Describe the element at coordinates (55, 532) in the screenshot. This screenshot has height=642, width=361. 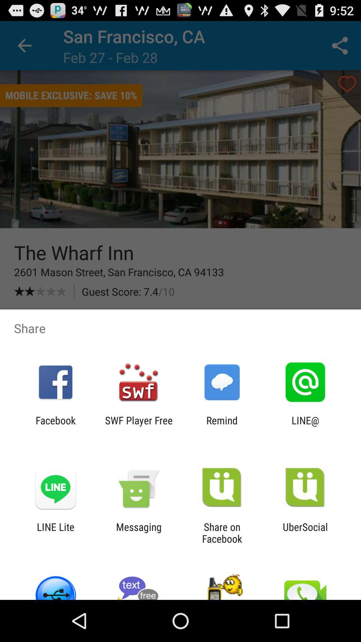
I see `icon next to messaging icon` at that location.